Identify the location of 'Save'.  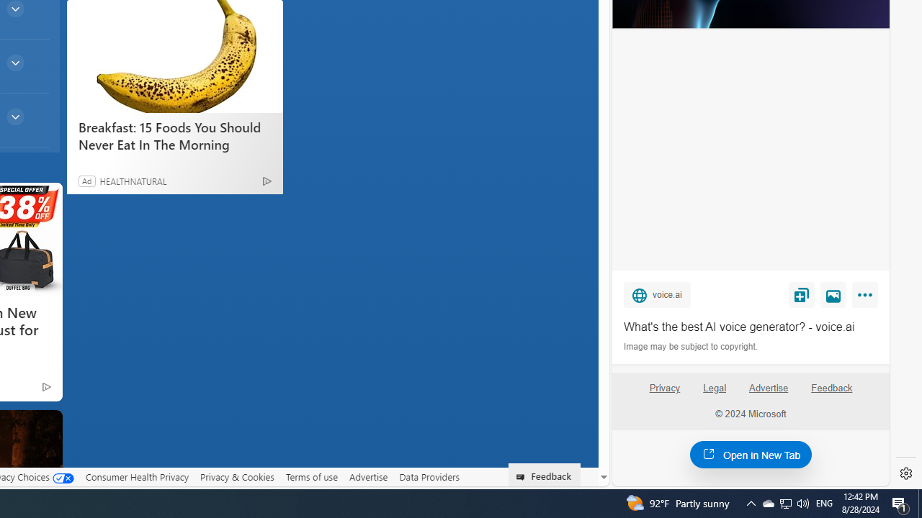
(800, 294).